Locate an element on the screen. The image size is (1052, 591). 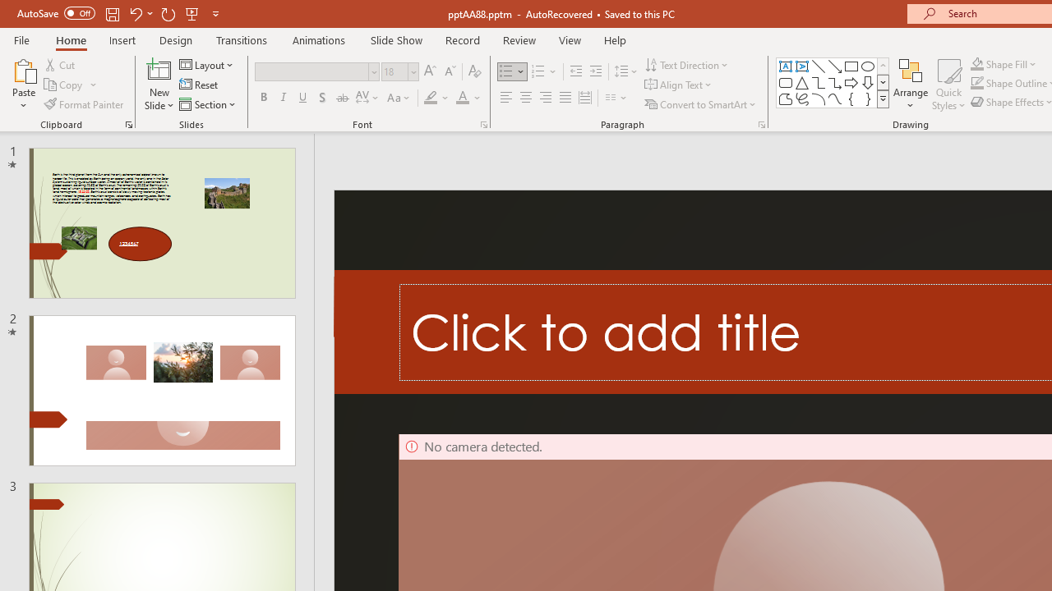
'Align Text' is located at coordinates (679, 85).